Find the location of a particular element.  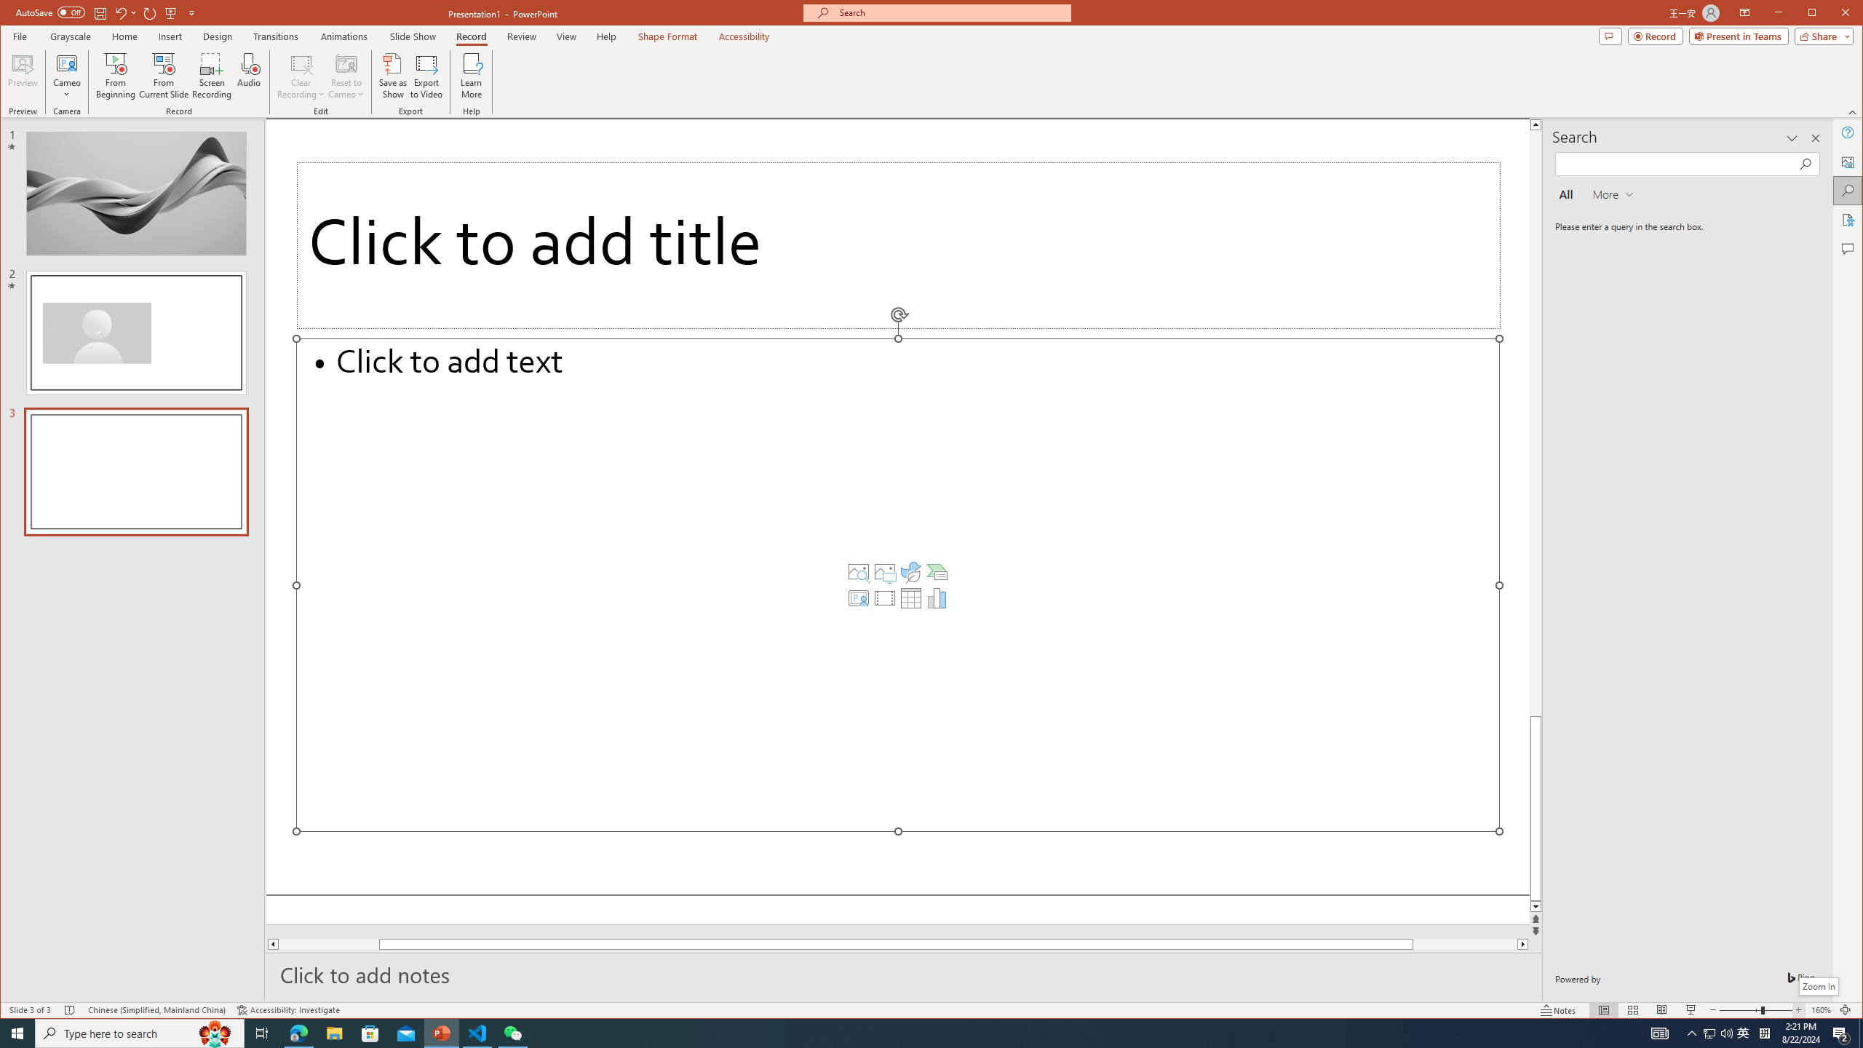

'Quick Access Toolbar' is located at coordinates (106, 13).